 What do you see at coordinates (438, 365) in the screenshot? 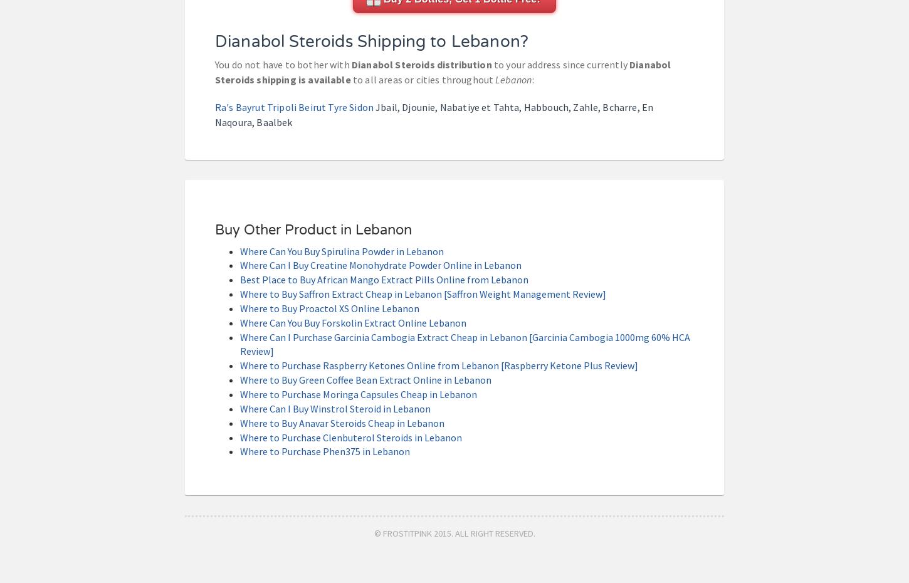
I see `'Where to Purchase Raspberry Ketones Online from Lebanon [Raspberry Ketone Plus Review]'` at bounding box center [438, 365].